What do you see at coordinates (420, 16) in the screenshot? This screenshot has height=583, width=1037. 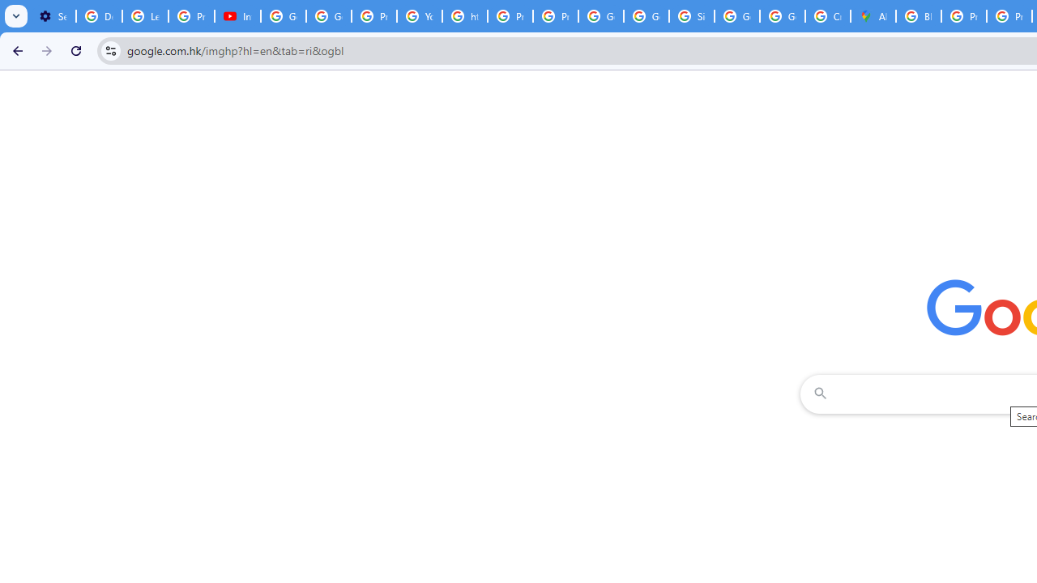 I see `'YouTube'` at bounding box center [420, 16].